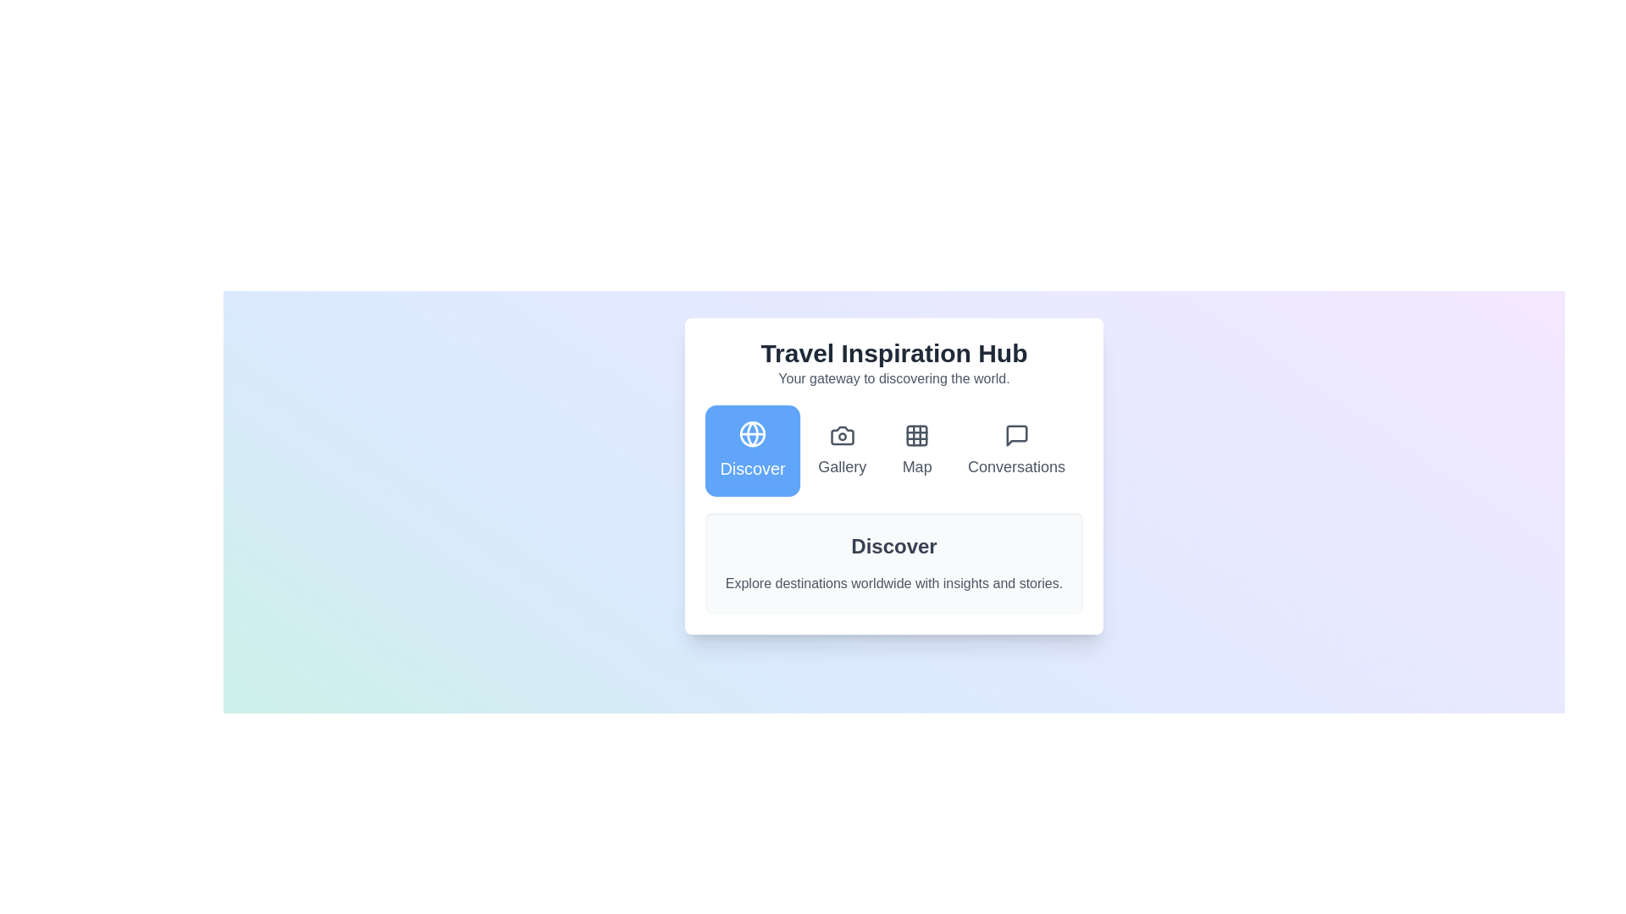 This screenshot has height=914, width=1626. Describe the element at coordinates (916, 449) in the screenshot. I see `the 'Map' button, which features a grid-like icon and is the third option` at that location.